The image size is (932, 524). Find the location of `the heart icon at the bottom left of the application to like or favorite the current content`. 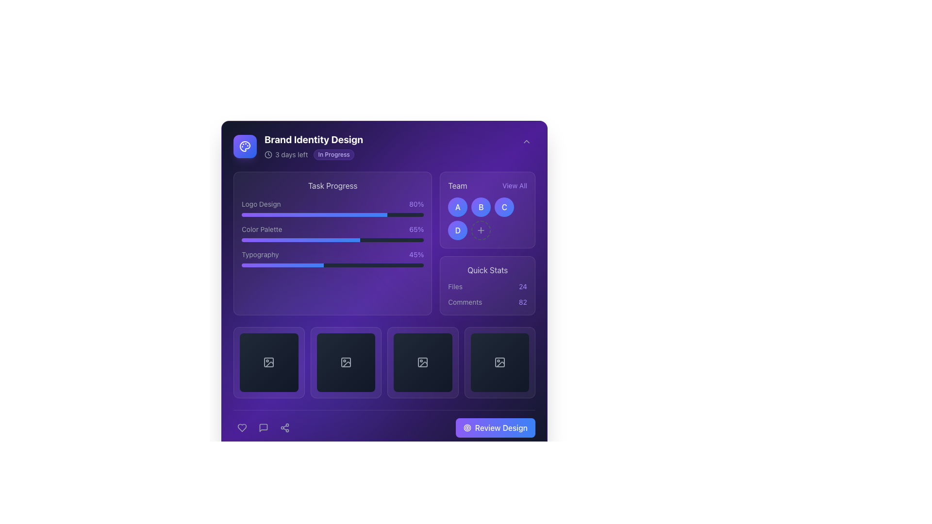

the heart icon at the bottom left of the application to like or favorite the current content is located at coordinates (242, 426).